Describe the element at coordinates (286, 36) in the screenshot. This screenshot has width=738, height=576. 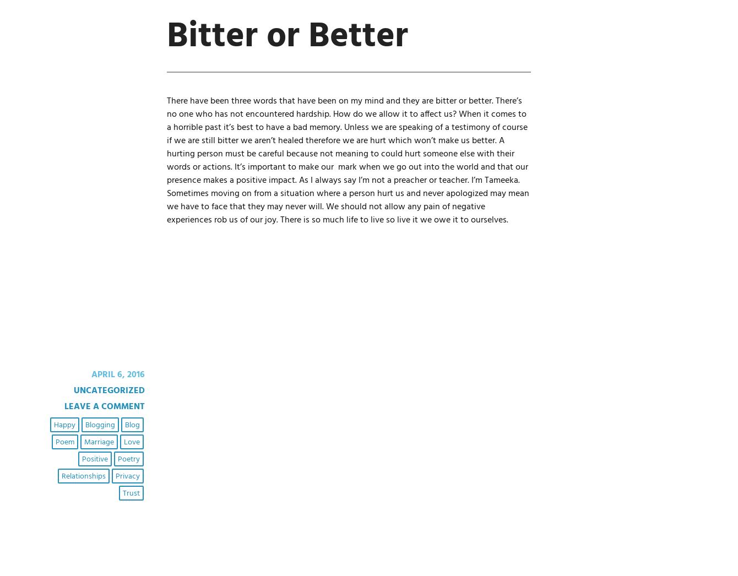
I see `'Bitter or Better'` at that location.